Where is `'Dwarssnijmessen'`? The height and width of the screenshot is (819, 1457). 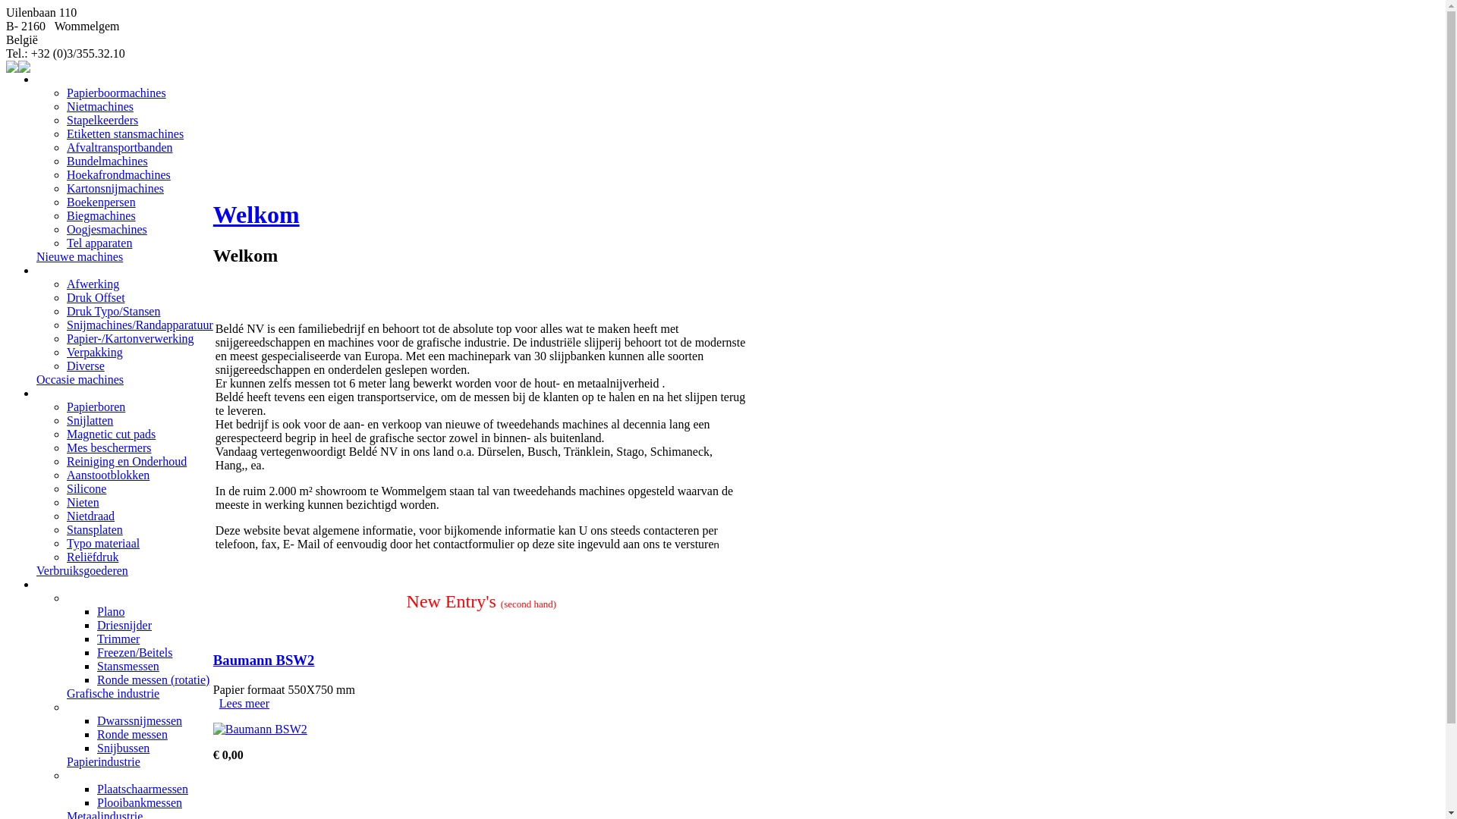 'Dwarssnijmessen' is located at coordinates (139, 720).